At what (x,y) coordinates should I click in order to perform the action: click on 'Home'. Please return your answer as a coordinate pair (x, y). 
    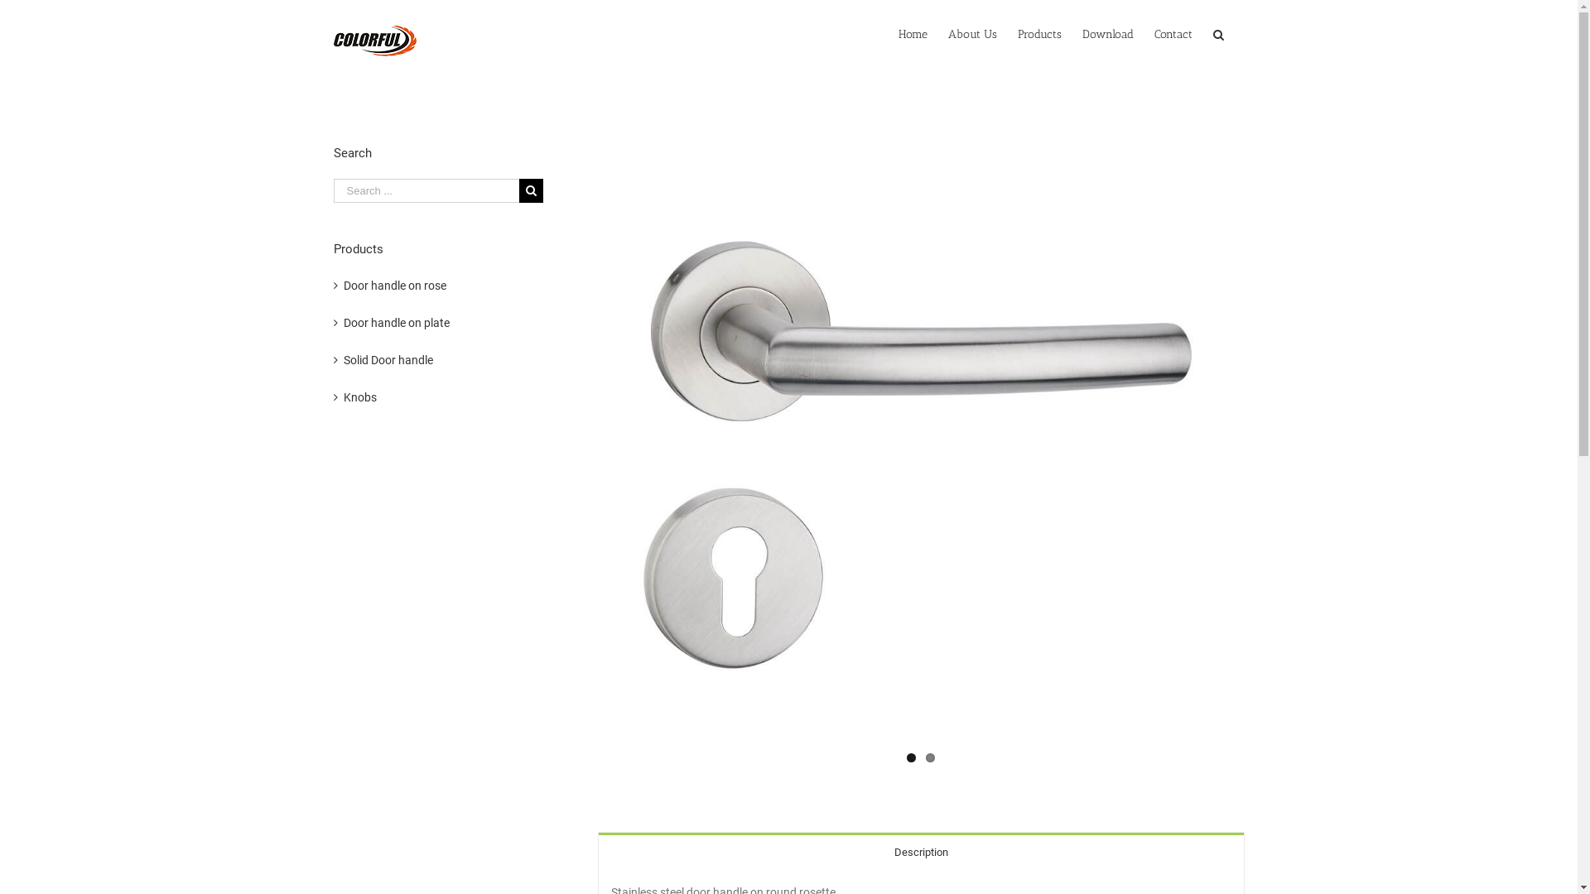
    Looking at the image, I should click on (911, 35).